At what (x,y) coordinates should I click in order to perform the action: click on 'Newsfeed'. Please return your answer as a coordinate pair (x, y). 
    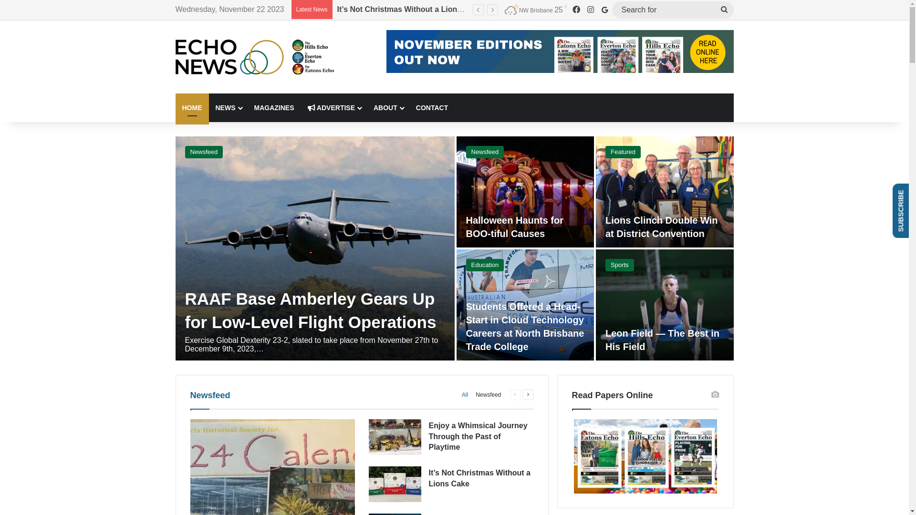
    Looking at the image, I should click on (203, 152).